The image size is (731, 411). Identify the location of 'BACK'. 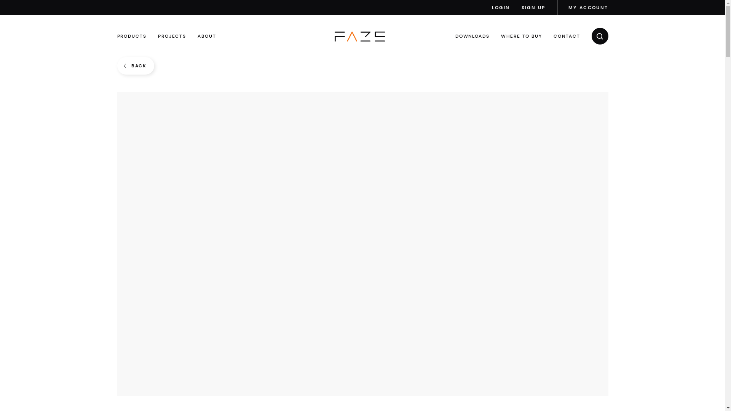
(117, 65).